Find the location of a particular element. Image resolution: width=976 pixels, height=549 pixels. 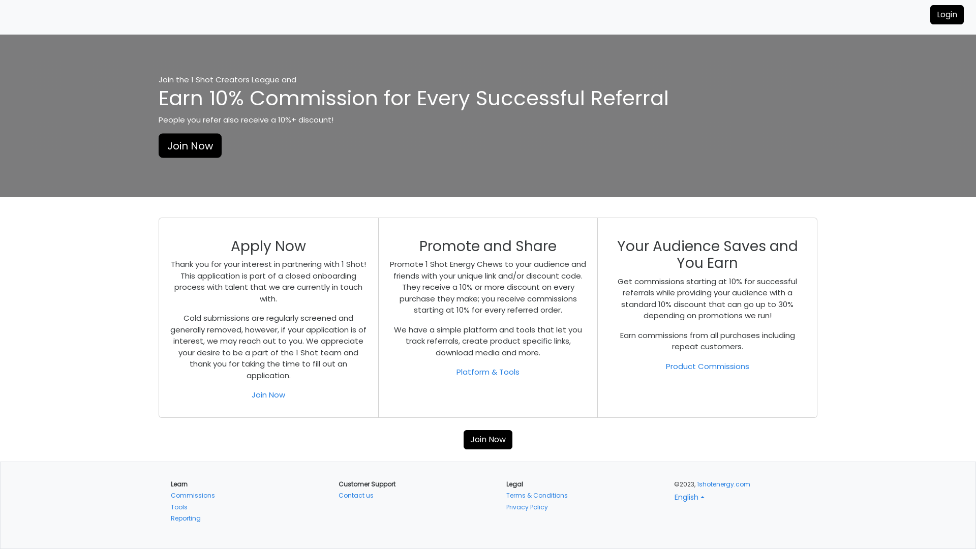

'Contact us' is located at coordinates (353, 472).